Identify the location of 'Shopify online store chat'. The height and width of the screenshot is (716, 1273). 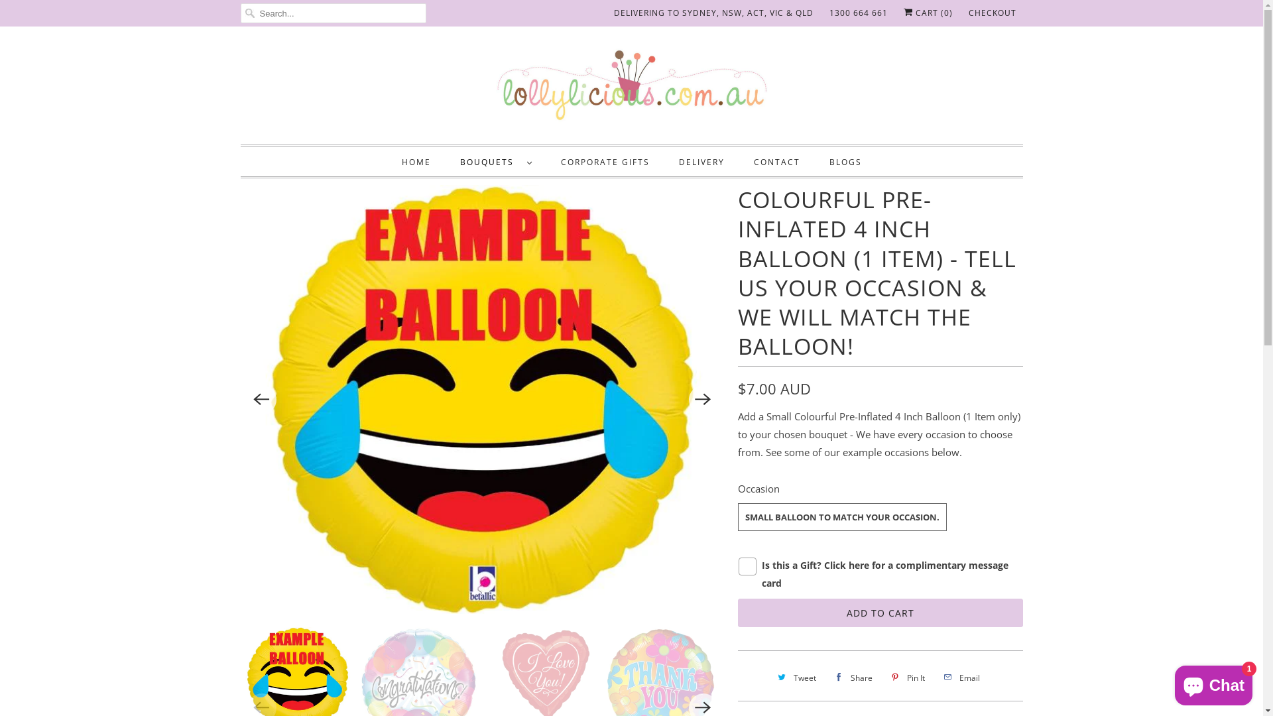
(1213, 682).